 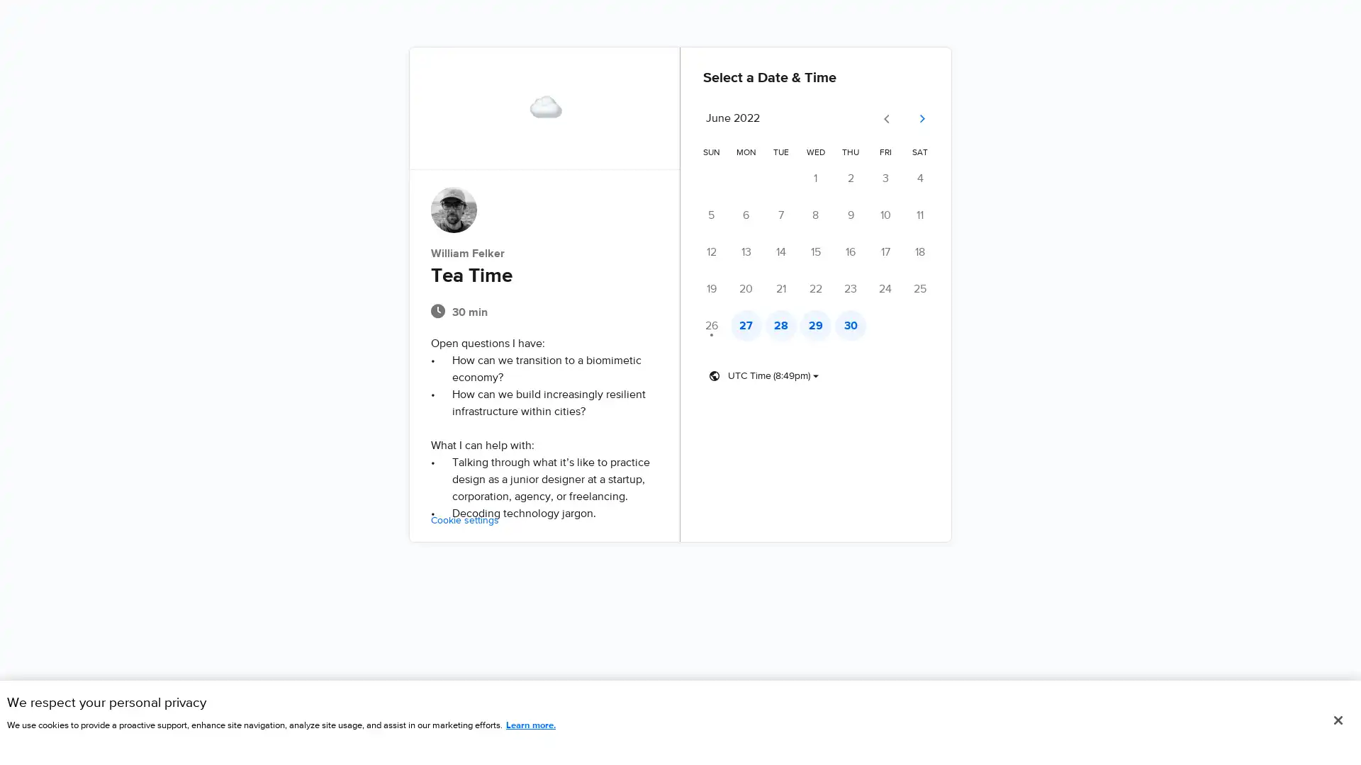 What do you see at coordinates (711, 251) in the screenshot?
I see `Sunday, June 12 - No times available` at bounding box center [711, 251].